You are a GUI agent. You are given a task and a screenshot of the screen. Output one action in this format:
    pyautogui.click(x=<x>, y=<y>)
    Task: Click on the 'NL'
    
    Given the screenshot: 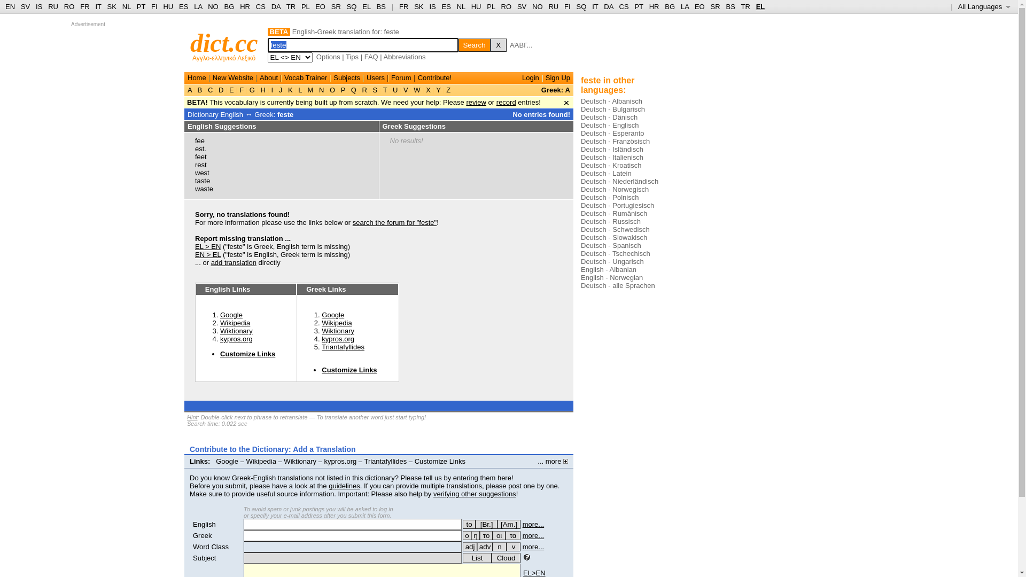 What is the action you would take?
    pyautogui.click(x=461, y=6)
    